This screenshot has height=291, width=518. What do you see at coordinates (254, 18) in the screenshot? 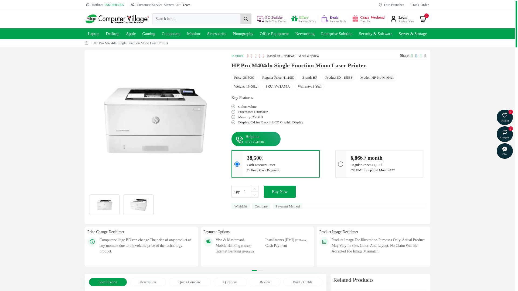
I see `'PC Builder` at bounding box center [254, 18].